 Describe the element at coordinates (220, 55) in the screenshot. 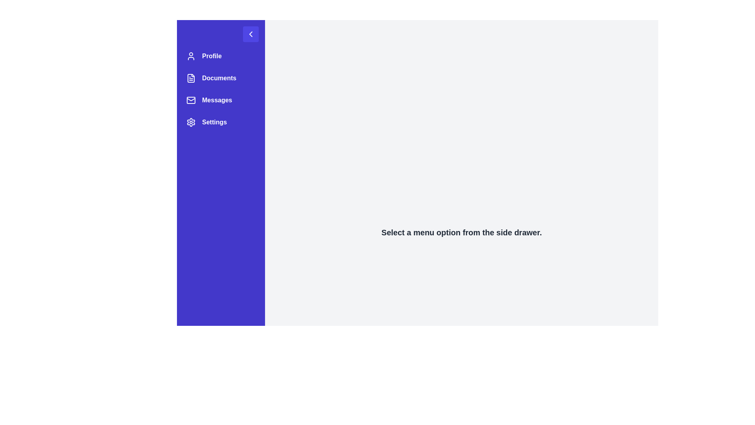

I see `the first Navigation menu item labeled 'Profile'` at that location.